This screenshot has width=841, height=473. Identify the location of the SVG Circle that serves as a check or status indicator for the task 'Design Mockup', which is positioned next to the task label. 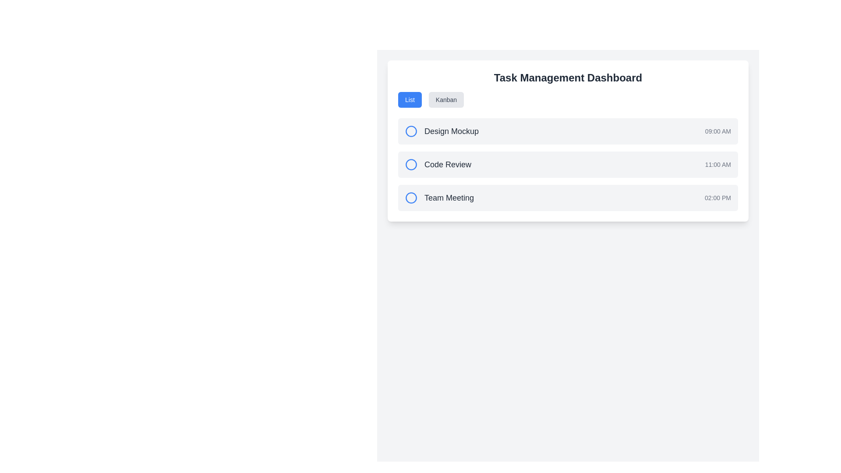
(411, 131).